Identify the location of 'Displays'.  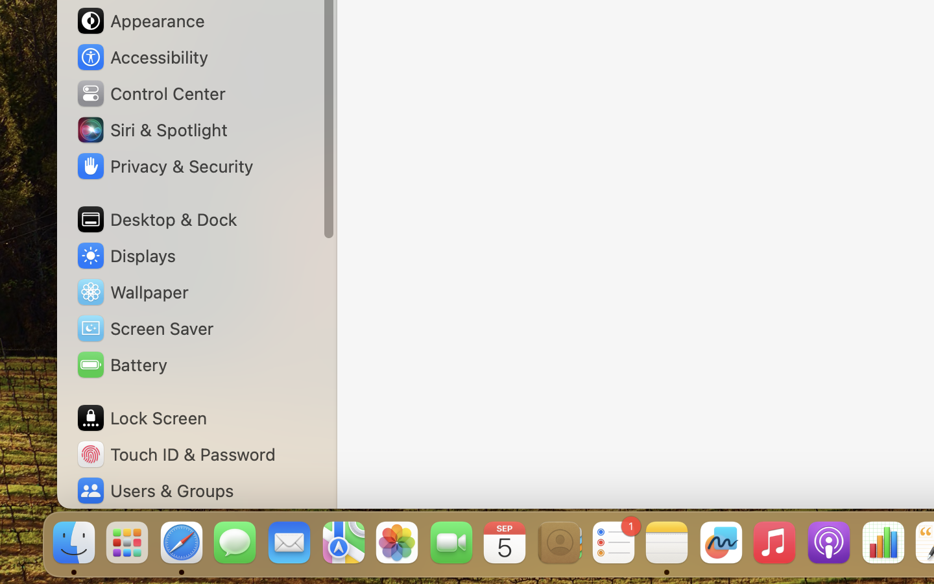
(125, 256).